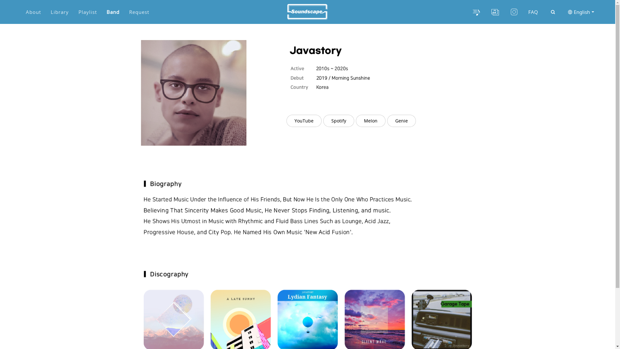 This screenshot has height=349, width=620. What do you see at coordinates (323, 121) in the screenshot?
I see `'Spotify'` at bounding box center [323, 121].